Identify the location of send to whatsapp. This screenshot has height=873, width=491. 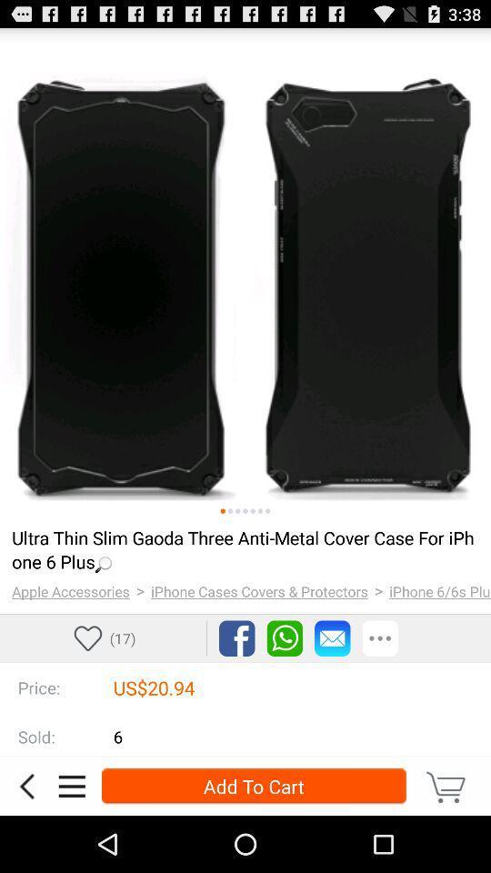
(285, 638).